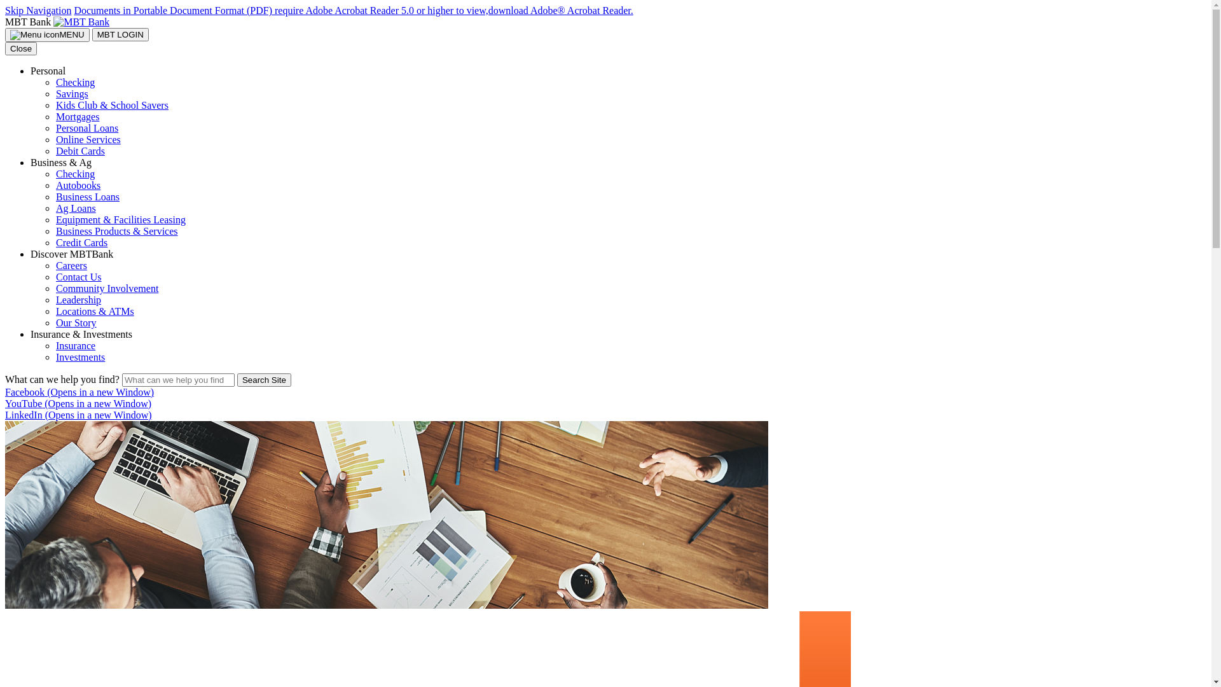 Image resolution: width=1221 pixels, height=687 pixels. What do you see at coordinates (107, 288) in the screenshot?
I see `'Community Involvement'` at bounding box center [107, 288].